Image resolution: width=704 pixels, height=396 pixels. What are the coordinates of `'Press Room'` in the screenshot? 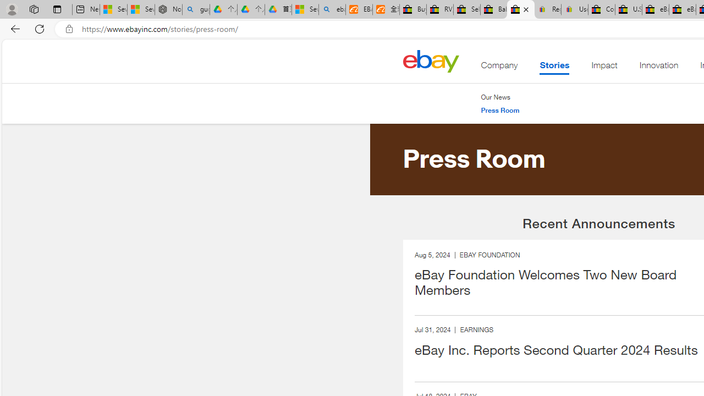 It's located at (499, 111).